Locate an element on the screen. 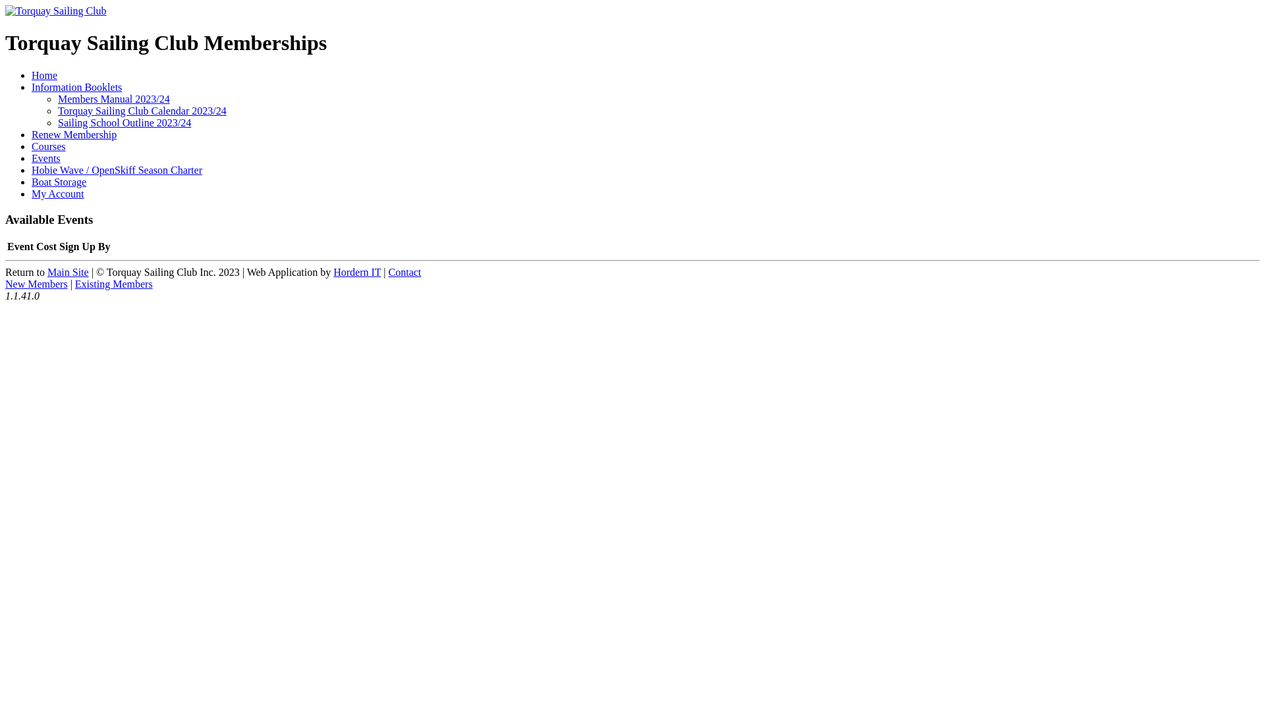 The image size is (1265, 711). 'My Account' is located at coordinates (57, 194).